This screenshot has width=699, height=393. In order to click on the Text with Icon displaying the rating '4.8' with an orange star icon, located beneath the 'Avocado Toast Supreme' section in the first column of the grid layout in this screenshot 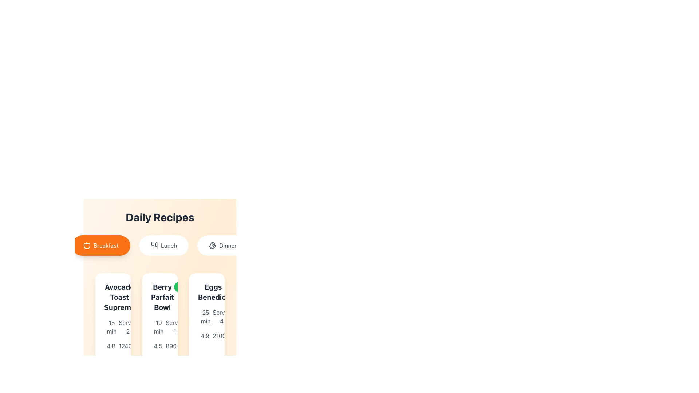, I will do `click(107, 346)`.